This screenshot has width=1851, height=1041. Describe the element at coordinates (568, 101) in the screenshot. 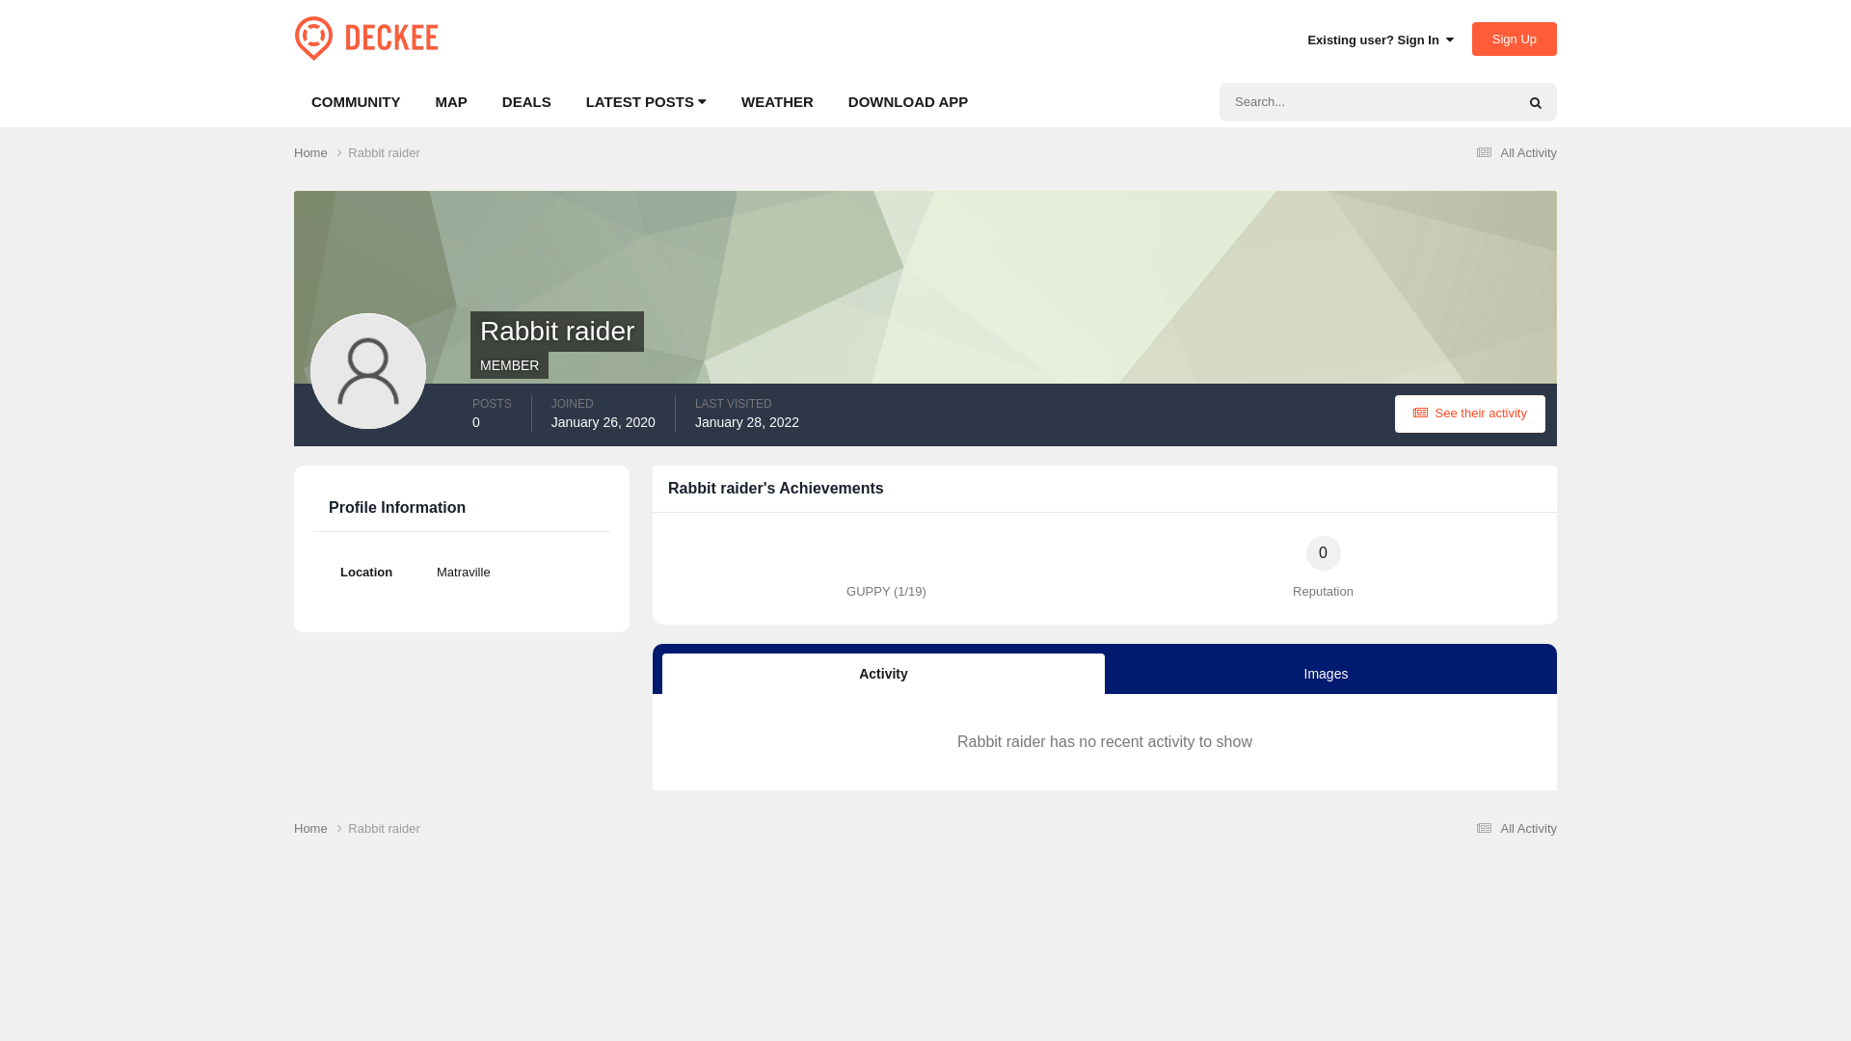

I see `'LATEST POSTS'` at that location.